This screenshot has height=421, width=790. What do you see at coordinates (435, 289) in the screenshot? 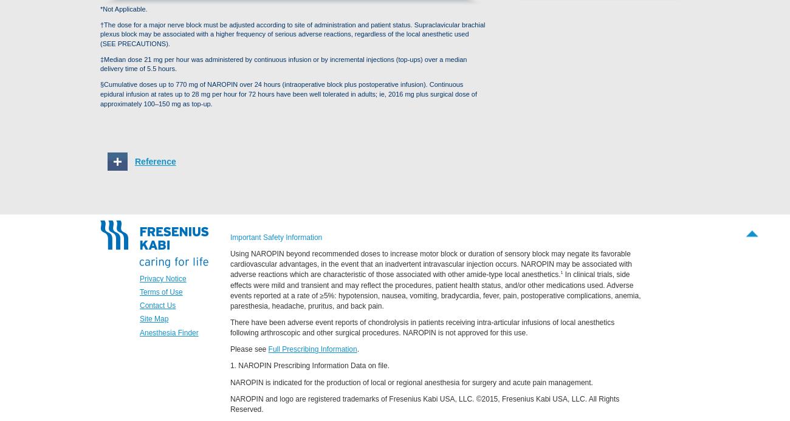
I see `'In clinical trials, side effects were mild and transient and may reflect the procedures, patient health status, and/or other medications used. Adverse events reported at a rate of ≥5%: hypotension, nausea, vomiting, bradycardia, fever, pain, postoperative complications, anemia, paresthesia, headache, pruritus, and back pain.'` at bounding box center [435, 289].